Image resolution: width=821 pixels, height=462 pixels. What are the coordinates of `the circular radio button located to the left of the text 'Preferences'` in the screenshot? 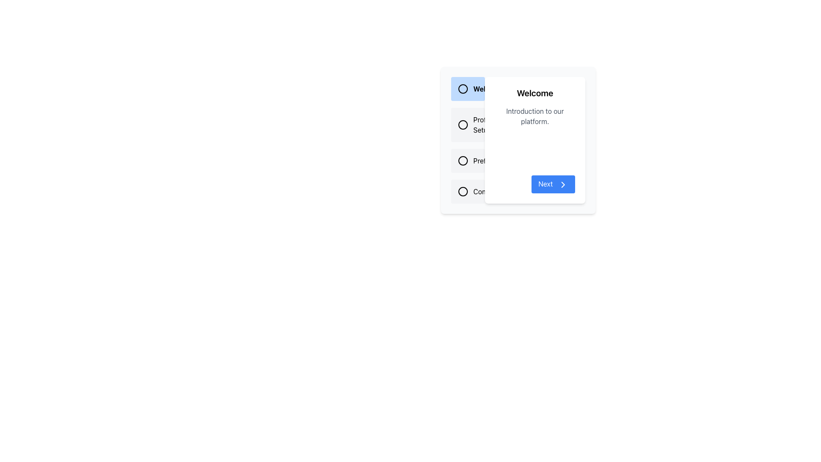 It's located at (467, 160).